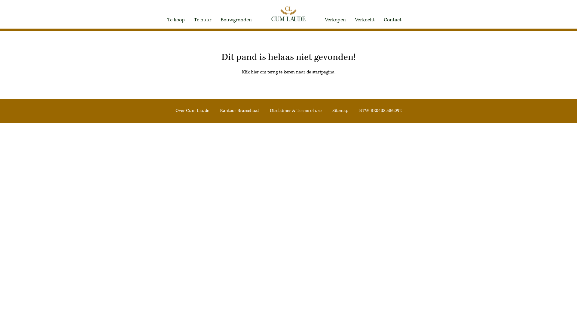 The image size is (577, 325). What do you see at coordinates (295, 110) in the screenshot?
I see `'Disclaimer & Terms of use'` at bounding box center [295, 110].